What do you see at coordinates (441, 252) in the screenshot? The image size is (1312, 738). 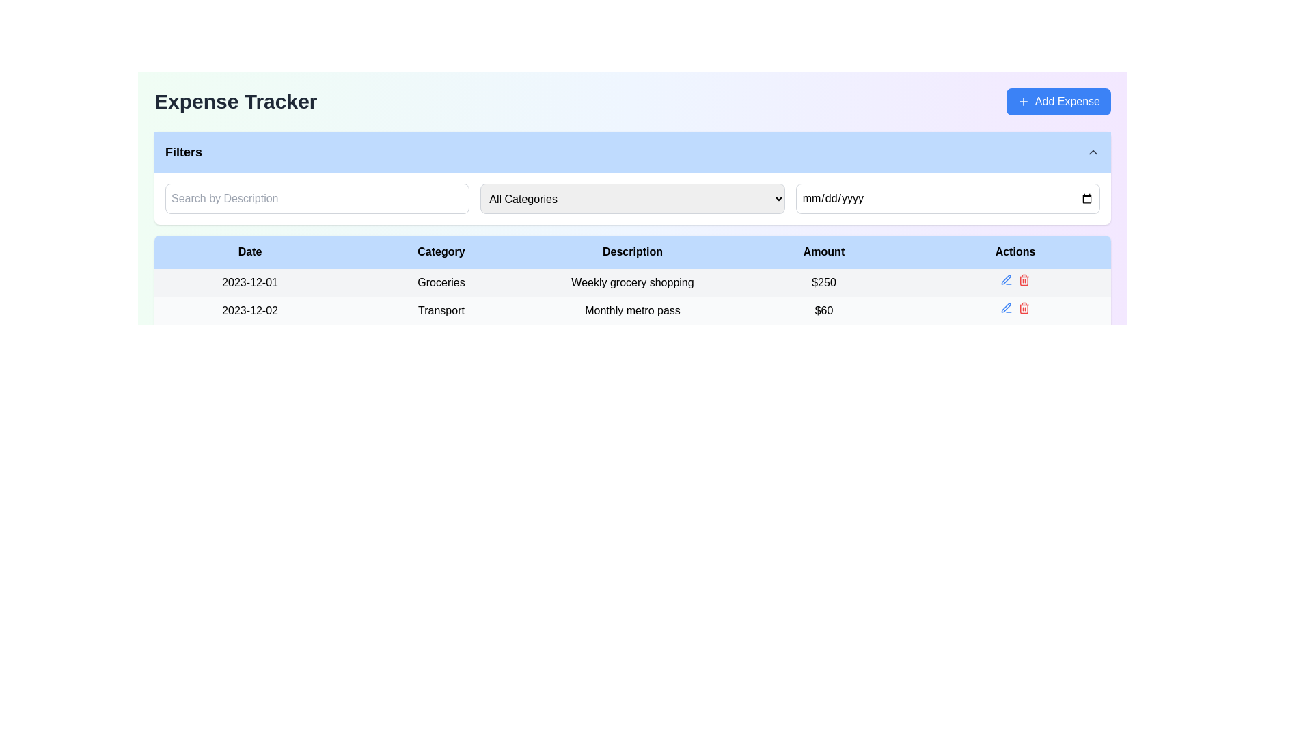 I see `the text label that displays 'Category', which is centrally aligned and positioned on a light blue background, located between 'Date' and 'Description' labels` at bounding box center [441, 252].